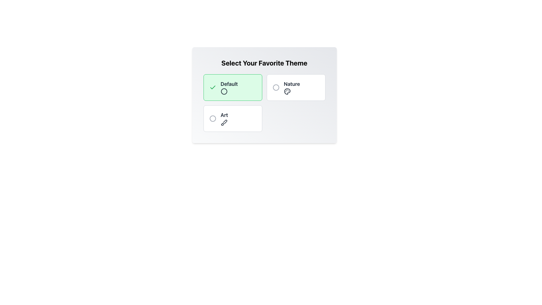 Image resolution: width=542 pixels, height=305 pixels. What do you see at coordinates (212, 87) in the screenshot?
I see `the SVG Icon indicating that the 'Default' option is selected, located in the upper-left corner of the 'Default' card` at bounding box center [212, 87].